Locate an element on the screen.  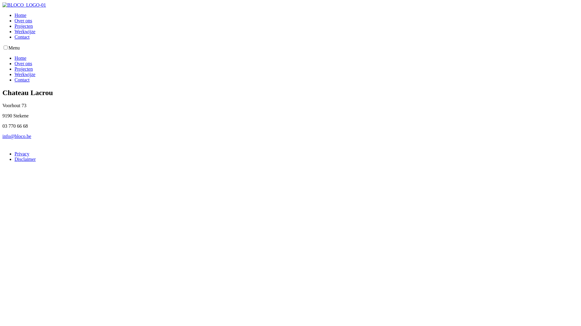
'Werkwijze' is located at coordinates (25, 31).